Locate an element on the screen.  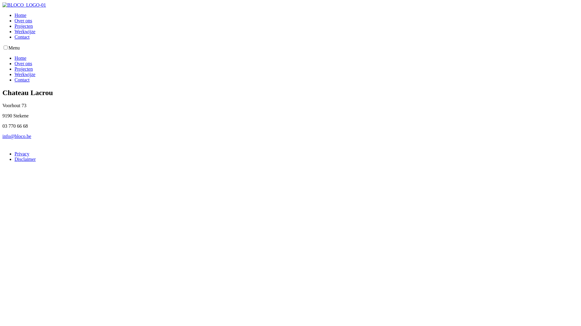
'Werkwijze' is located at coordinates (25, 31).